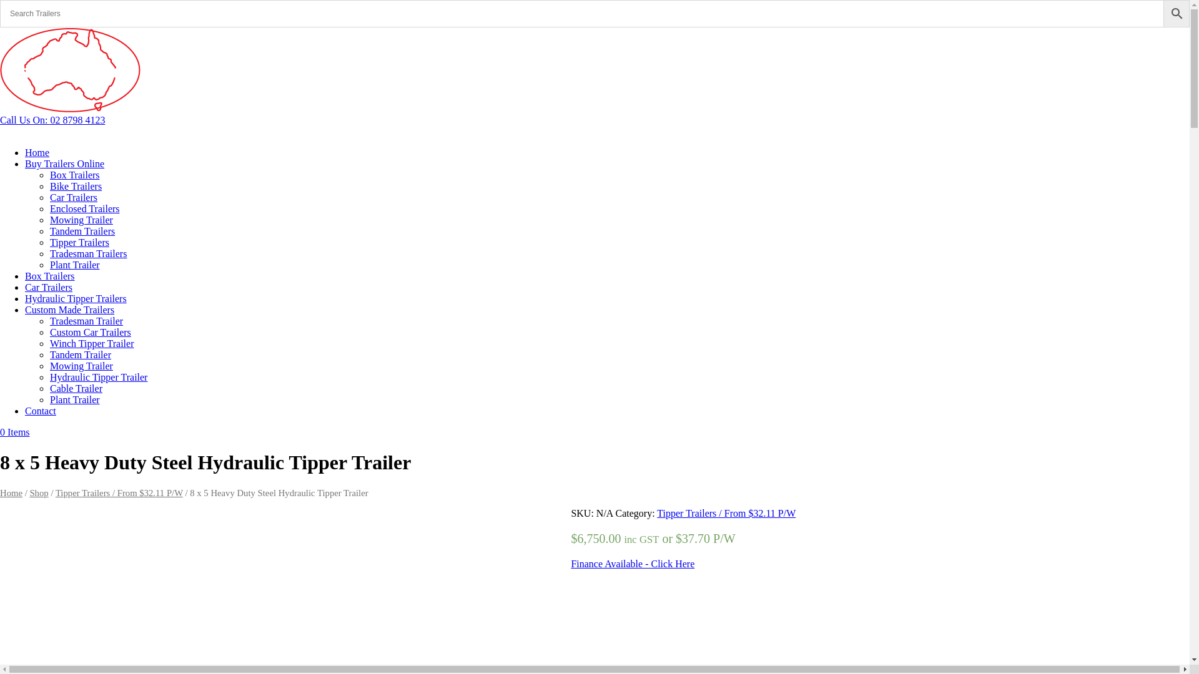  I want to click on 'Winch Tipper Trailer', so click(91, 343).